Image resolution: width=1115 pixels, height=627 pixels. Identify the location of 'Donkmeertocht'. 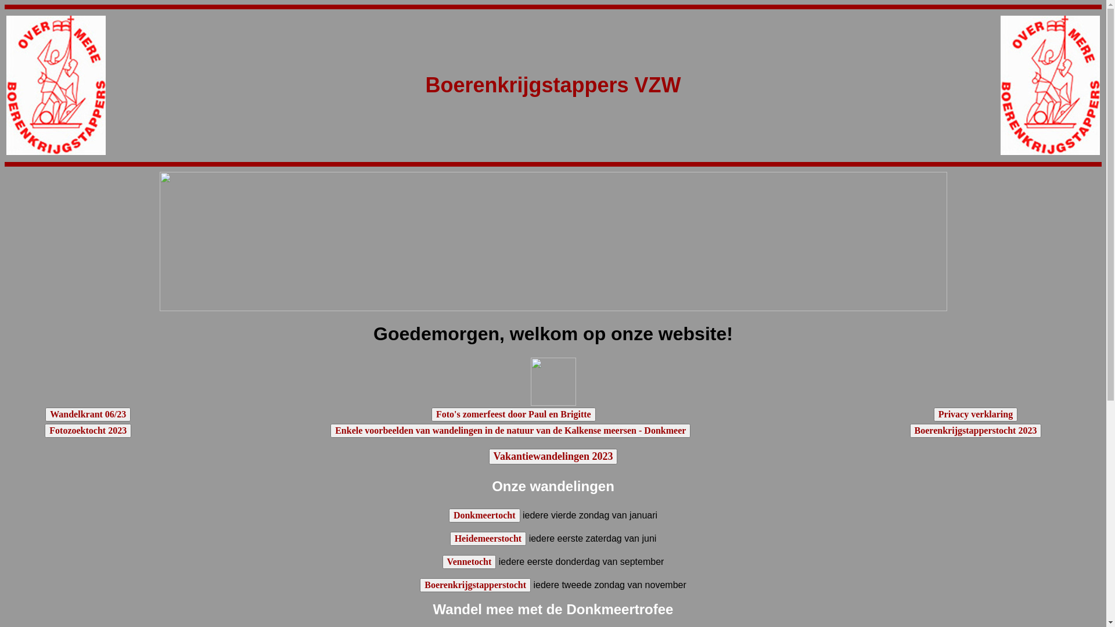
(484, 514).